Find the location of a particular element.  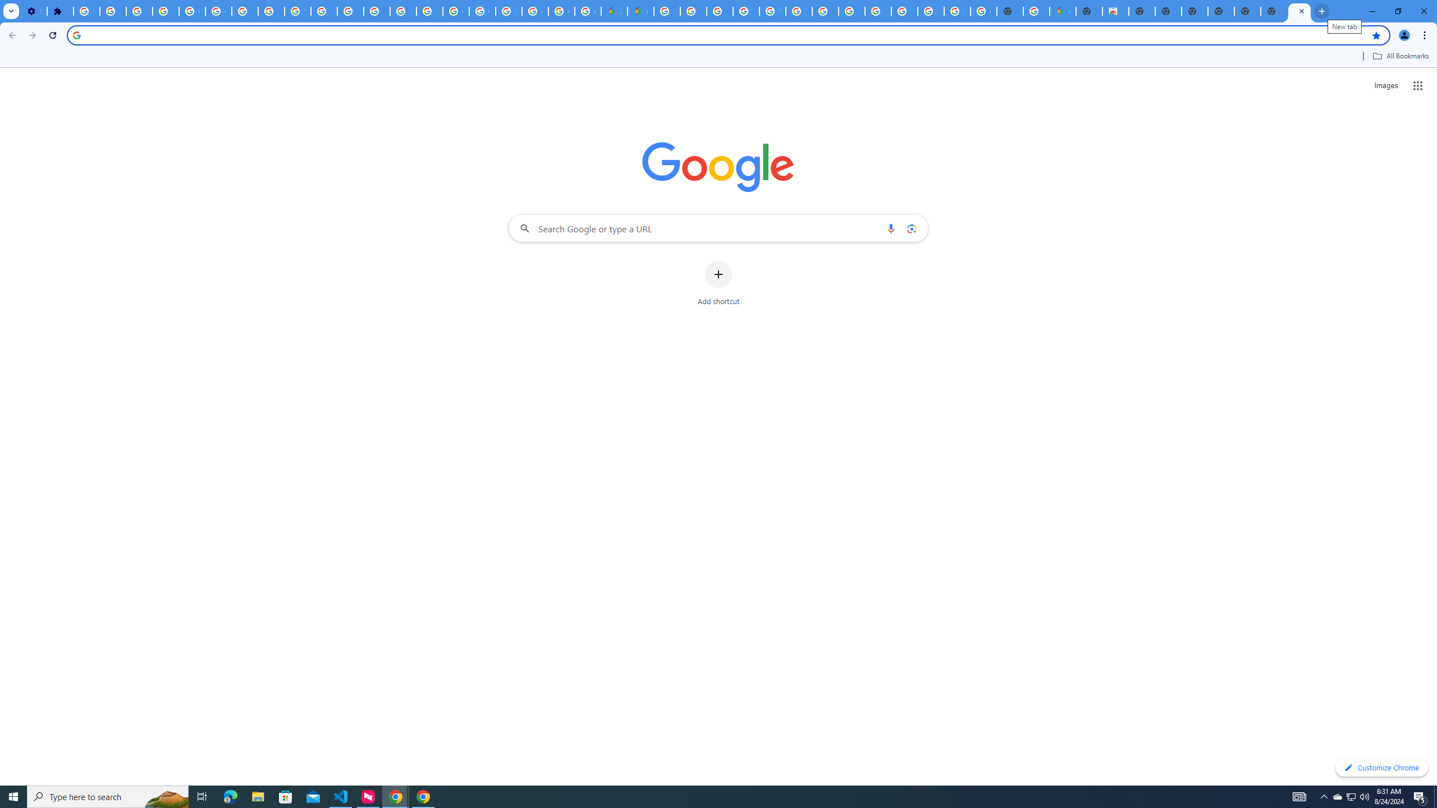

'Delete photos & videos - Computer - Google Photos Help' is located at coordinates (112, 11).